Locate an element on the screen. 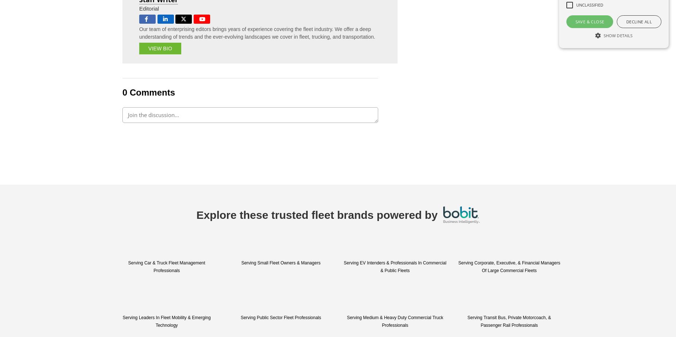 The image size is (676, 337). 'Serving Small Fleet Owners & Managers' is located at coordinates (281, 263).